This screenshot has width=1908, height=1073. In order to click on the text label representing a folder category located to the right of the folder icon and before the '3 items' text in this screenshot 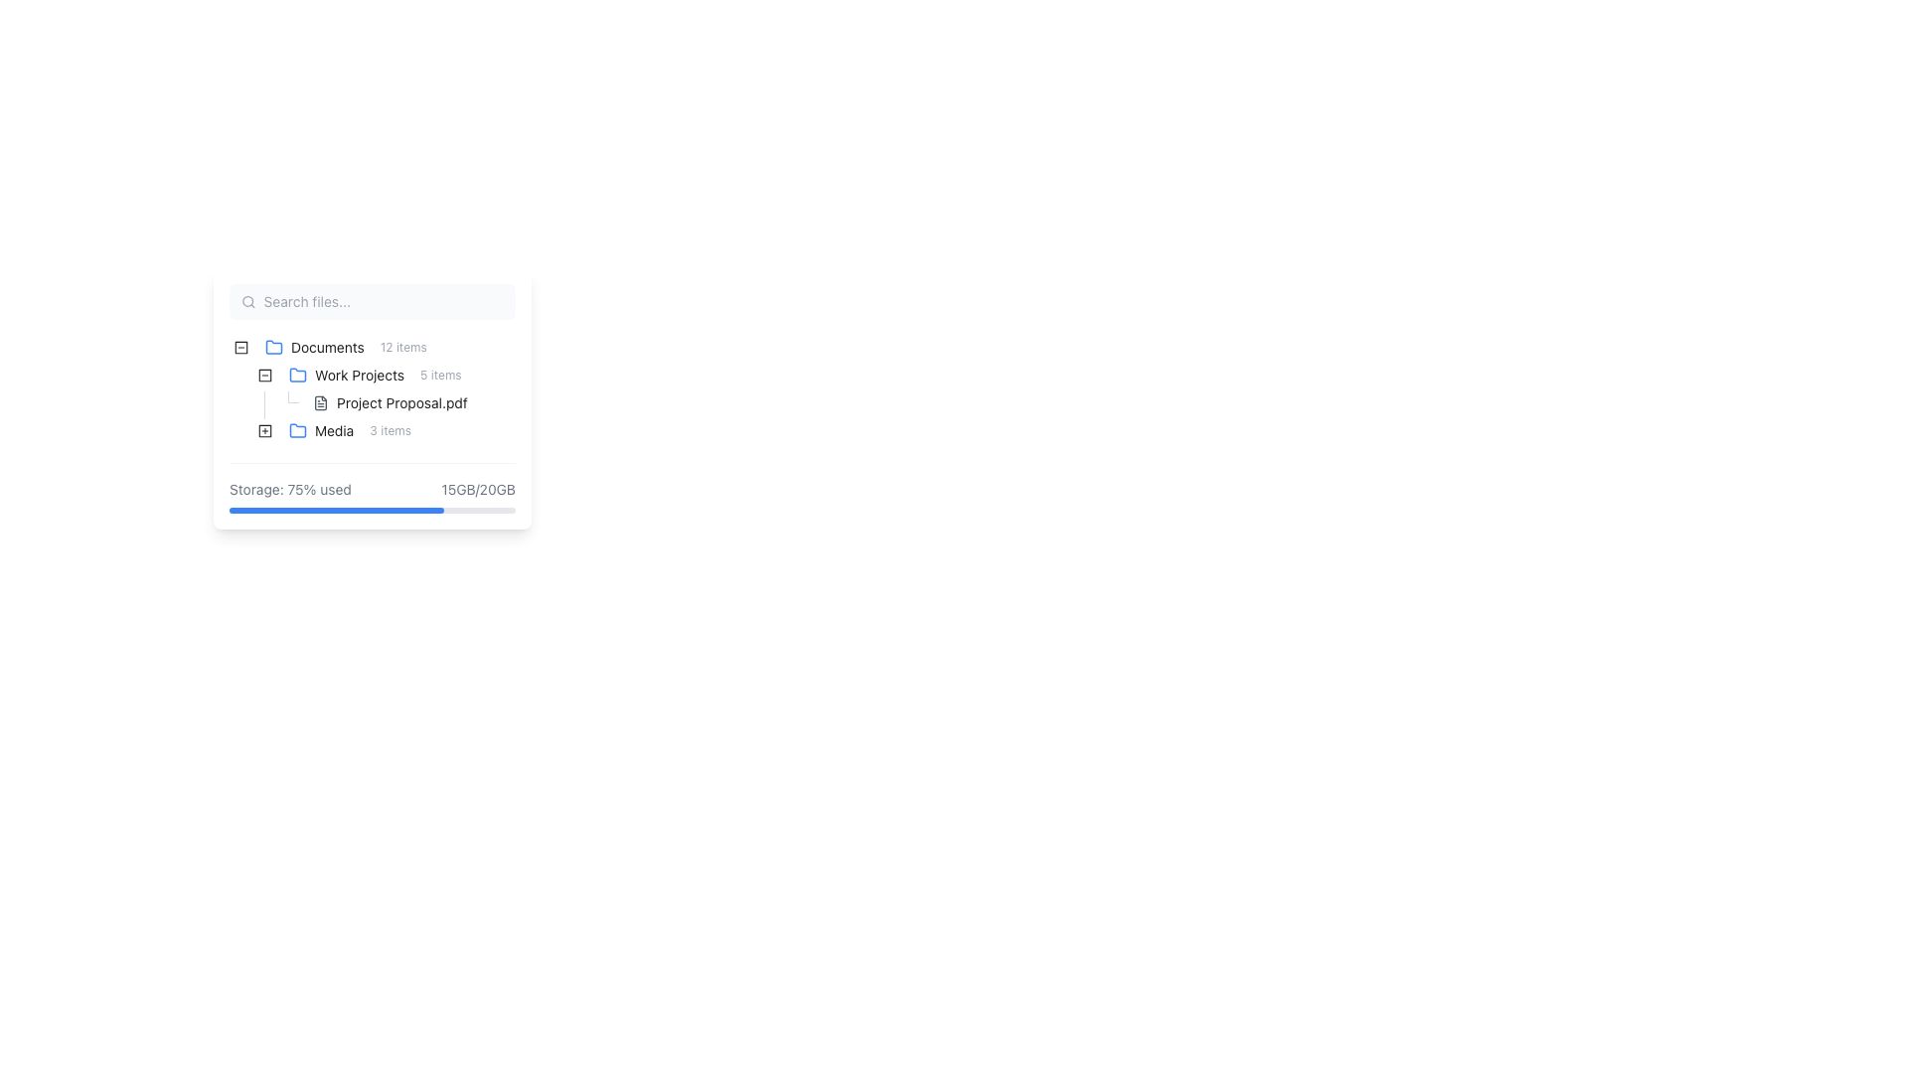, I will do `click(334, 430)`.